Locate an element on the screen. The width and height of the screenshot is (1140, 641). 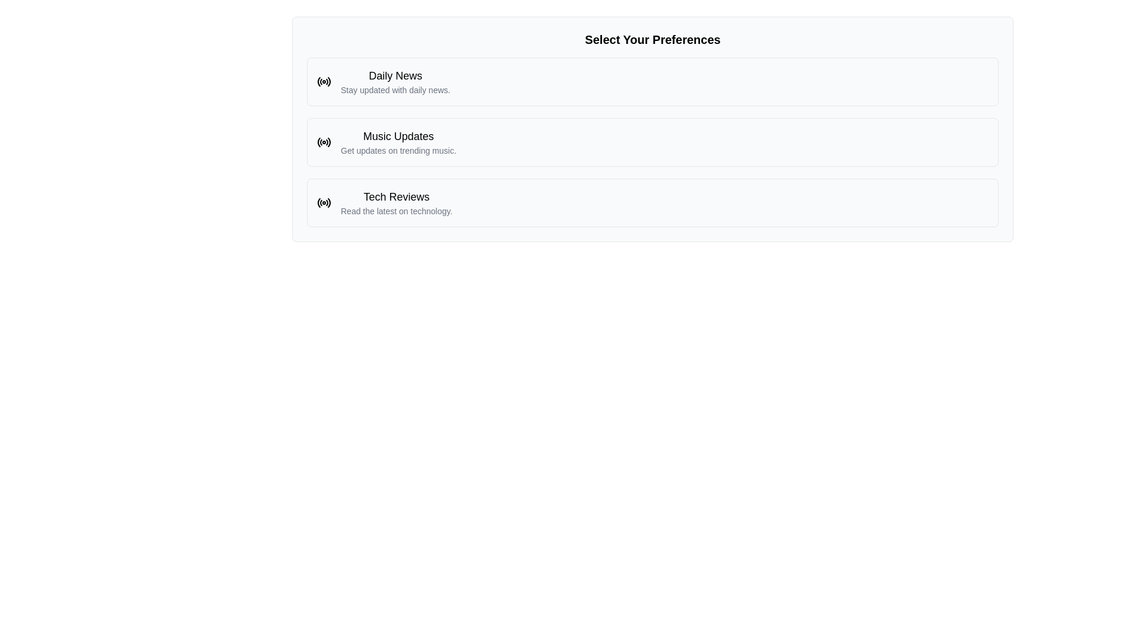
the circular radio signal icon located to the immediate left of the text 'Daily News' is located at coordinates (324, 81).